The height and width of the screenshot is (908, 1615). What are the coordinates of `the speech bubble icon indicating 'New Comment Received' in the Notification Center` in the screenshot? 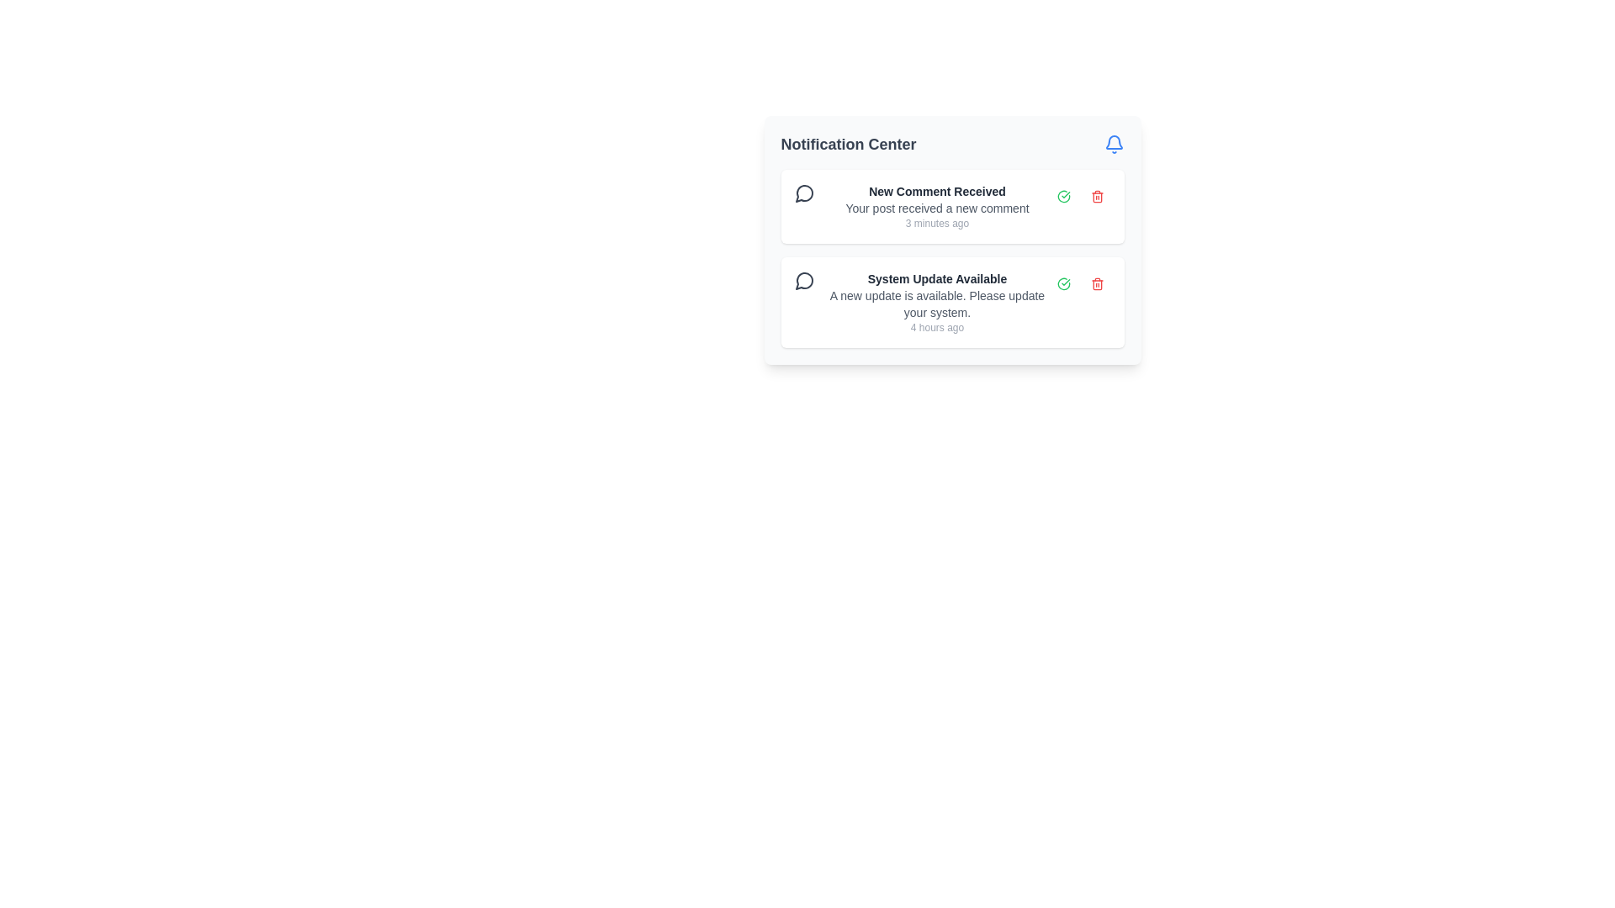 It's located at (802, 193).